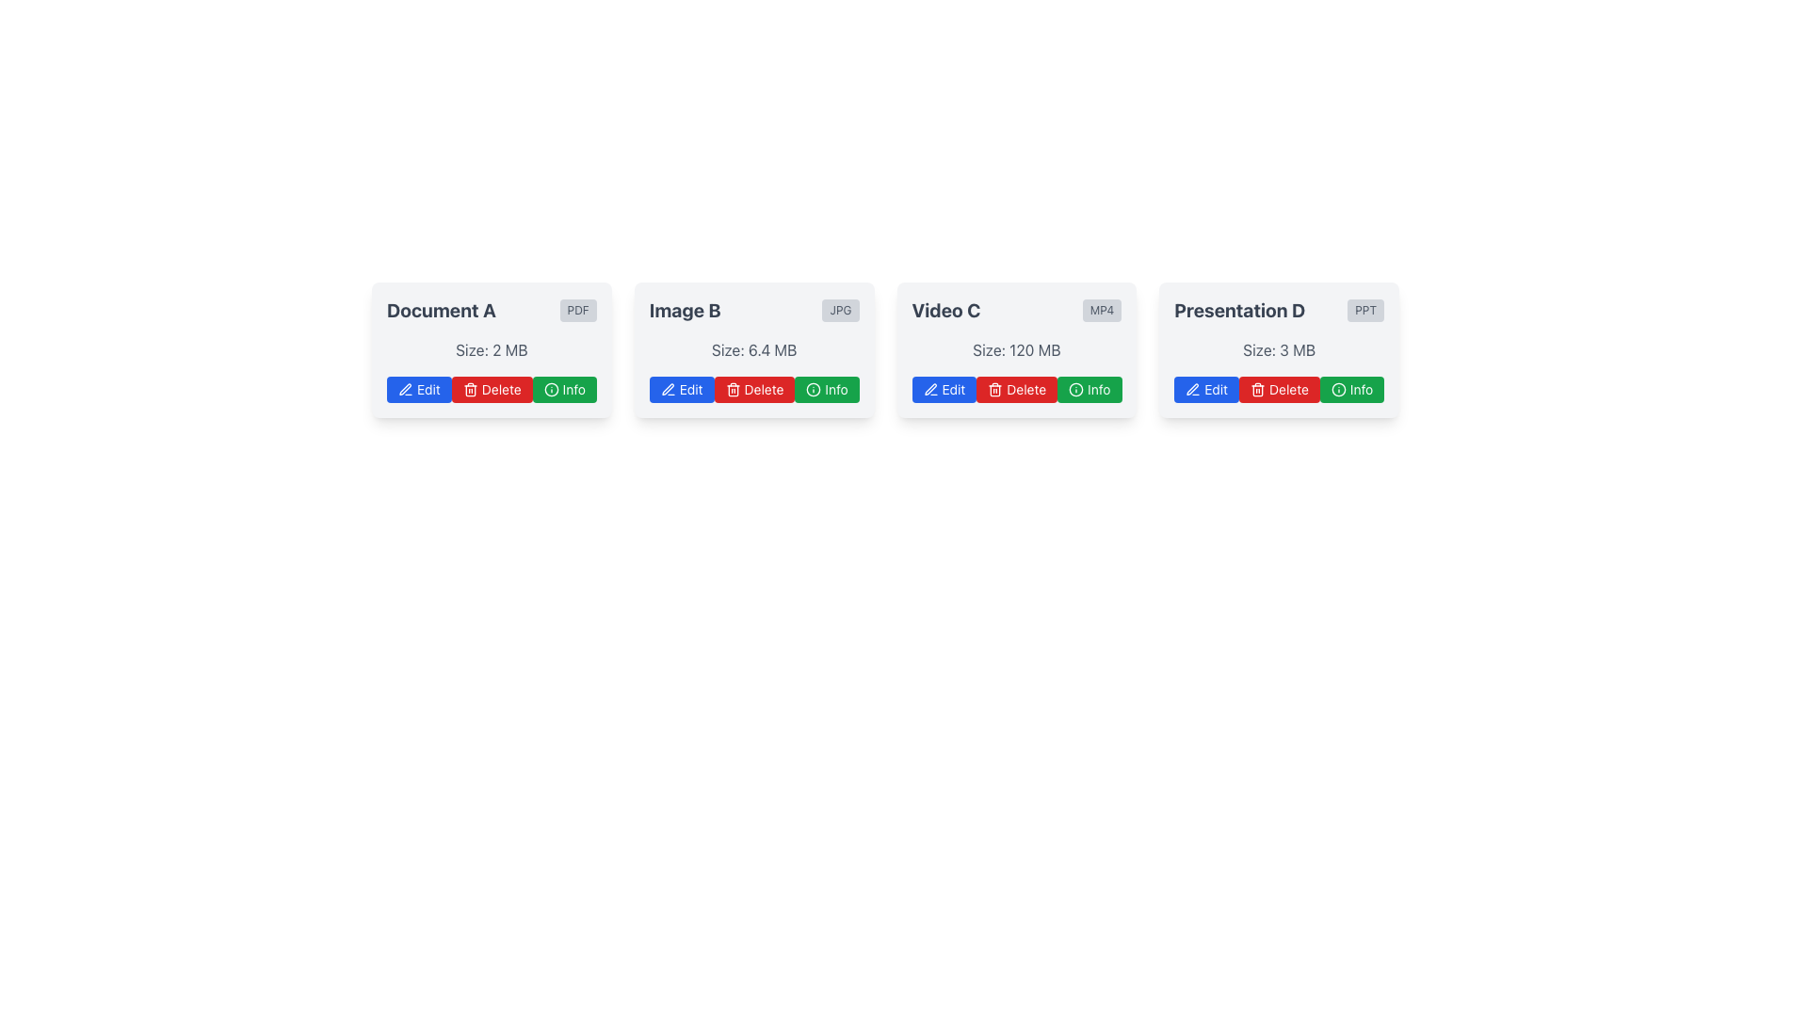  I want to click on the green 'Info' button with rounded corners, so click(563, 388).